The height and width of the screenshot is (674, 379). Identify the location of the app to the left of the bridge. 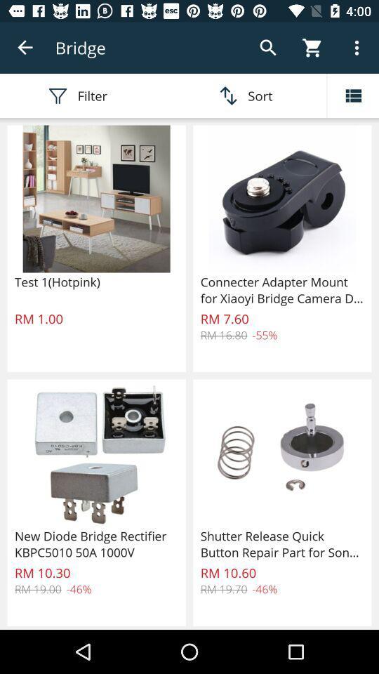
(25, 48).